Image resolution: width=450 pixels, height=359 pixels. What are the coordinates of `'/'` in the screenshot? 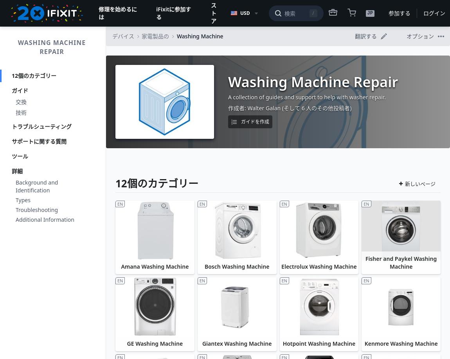 It's located at (313, 13).